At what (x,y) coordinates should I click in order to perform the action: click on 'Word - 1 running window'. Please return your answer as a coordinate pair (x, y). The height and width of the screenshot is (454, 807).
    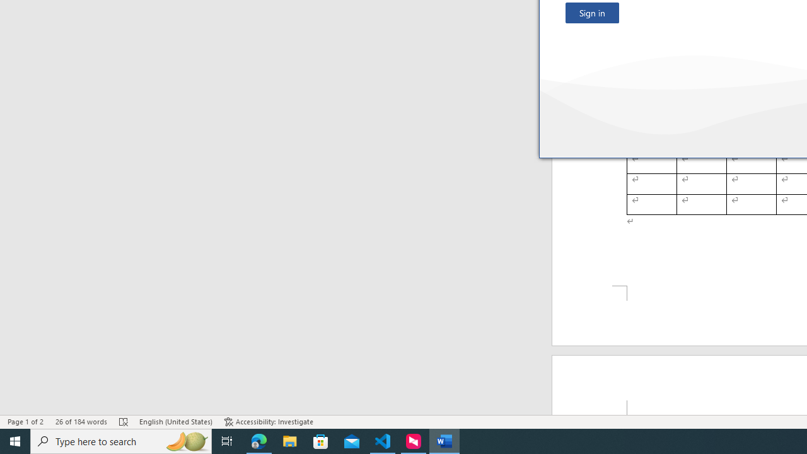
    Looking at the image, I should click on (444, 440).